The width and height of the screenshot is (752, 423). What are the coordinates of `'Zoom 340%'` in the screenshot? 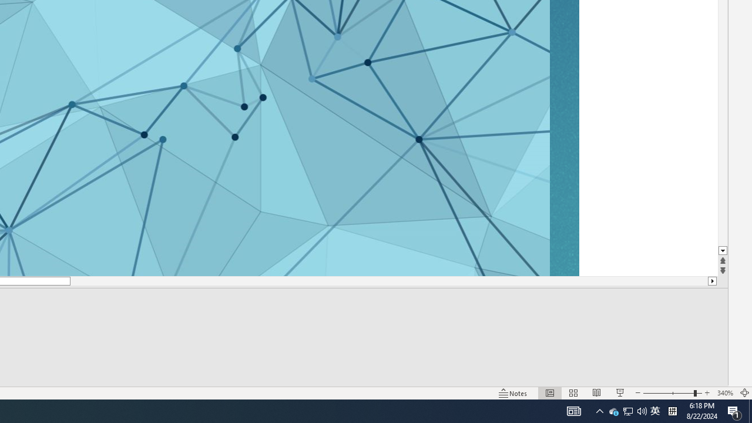 It's located at (724, 393).